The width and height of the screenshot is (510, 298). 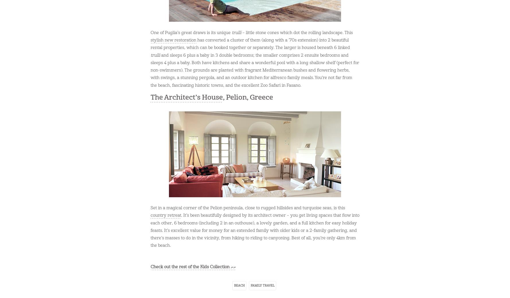 What do you see at coordinates (248, 97) in the screenshot?
I see `', Pelion, Greece'` at bounding box center [248, 97].